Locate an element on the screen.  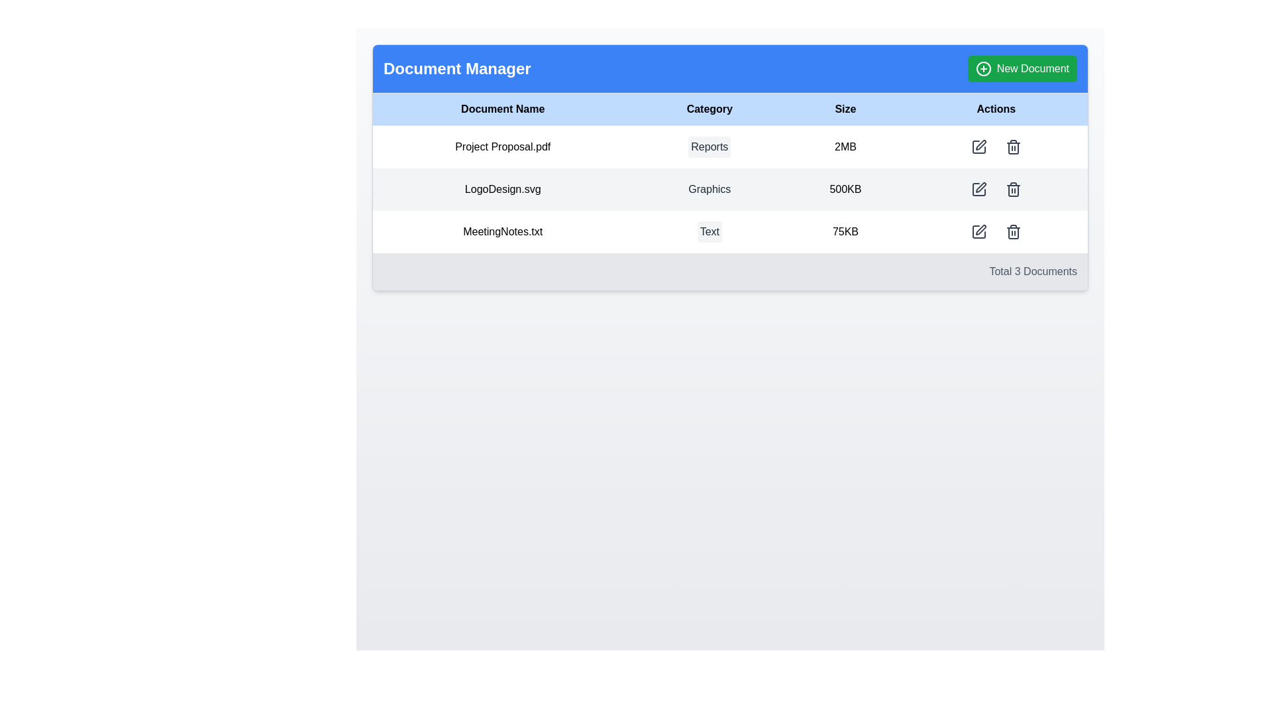
the second column header labeled 'Category' in the table, which is positioned between 'Document Name' and 'Size' is located at coordinates (709, 109).